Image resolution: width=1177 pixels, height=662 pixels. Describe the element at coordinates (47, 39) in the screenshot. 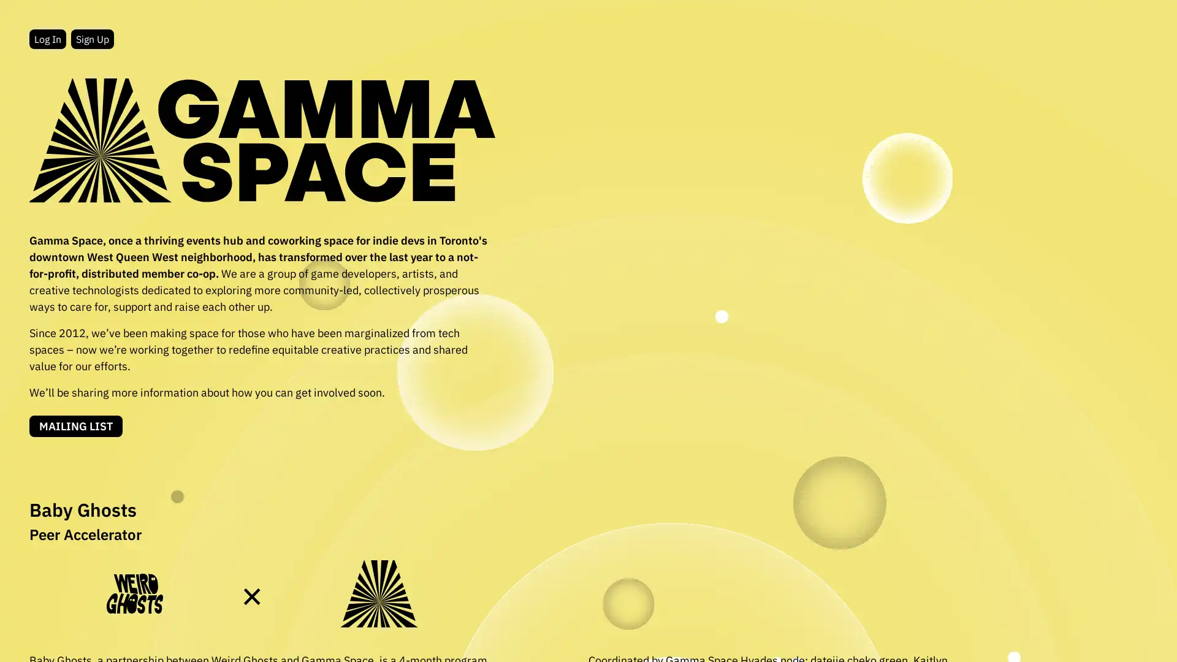

I see `Log In` at that location.